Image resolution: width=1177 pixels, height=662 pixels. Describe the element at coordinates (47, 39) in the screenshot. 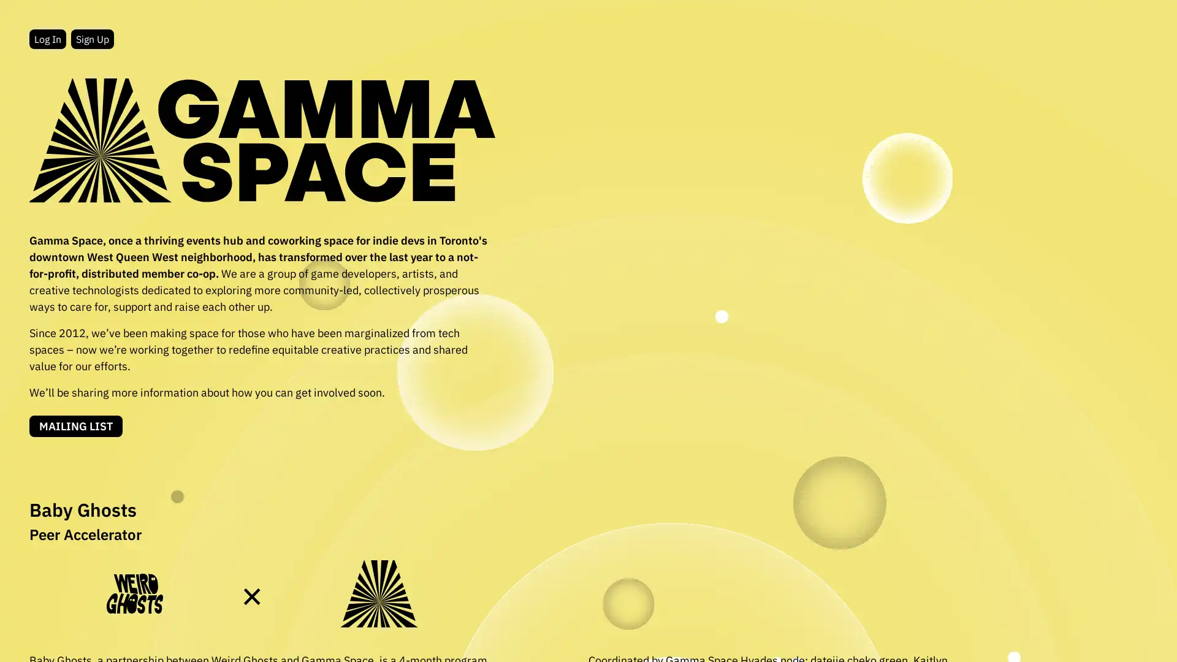

I see `Log In` at that location.